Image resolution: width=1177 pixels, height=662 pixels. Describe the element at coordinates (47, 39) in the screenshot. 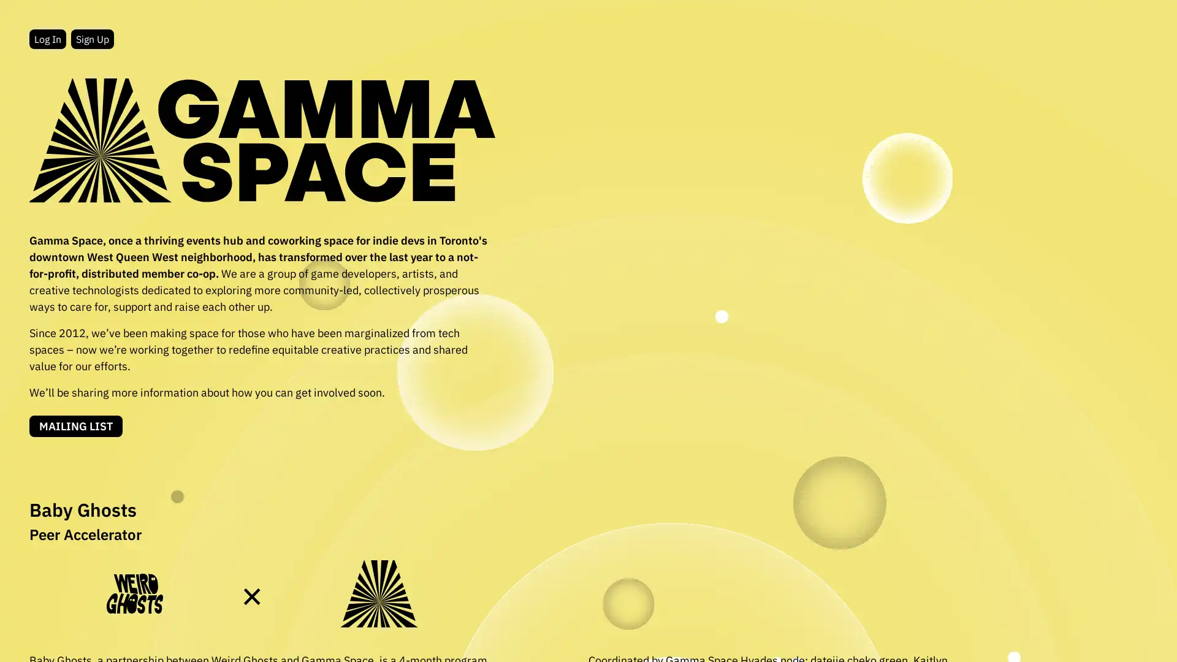

I see `Log In` at that location.